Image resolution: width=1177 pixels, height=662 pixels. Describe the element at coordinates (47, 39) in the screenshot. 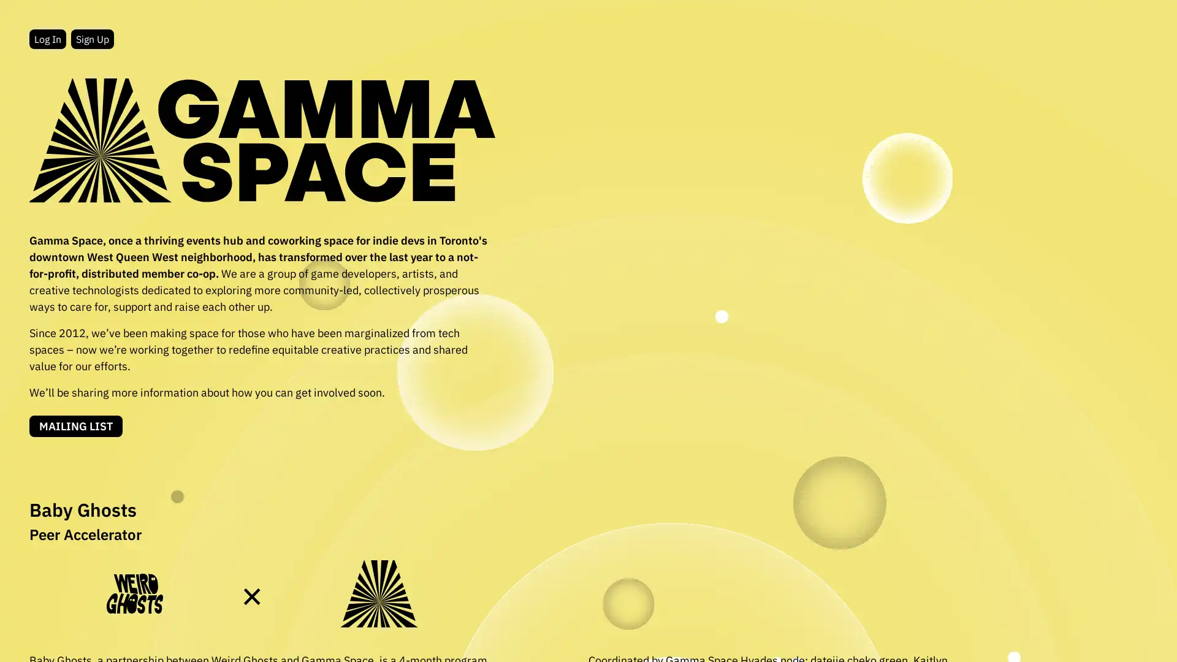

I see `Log In` at that location.